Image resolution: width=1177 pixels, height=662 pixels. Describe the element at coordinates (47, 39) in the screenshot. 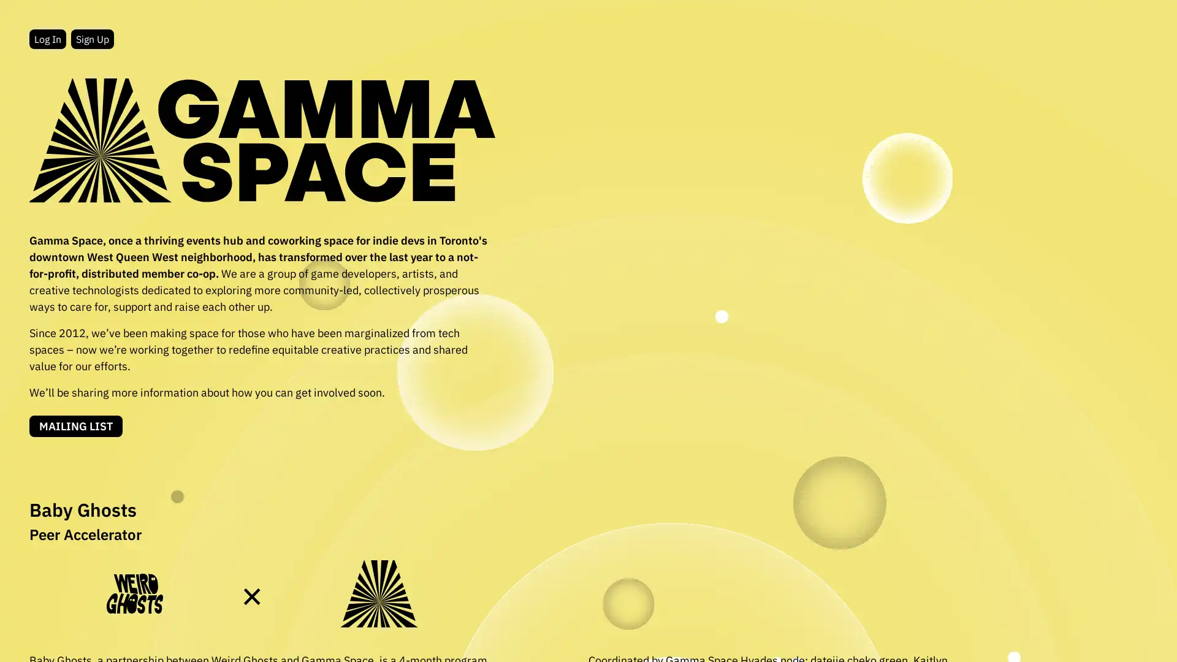

I see `Log In` at that location.